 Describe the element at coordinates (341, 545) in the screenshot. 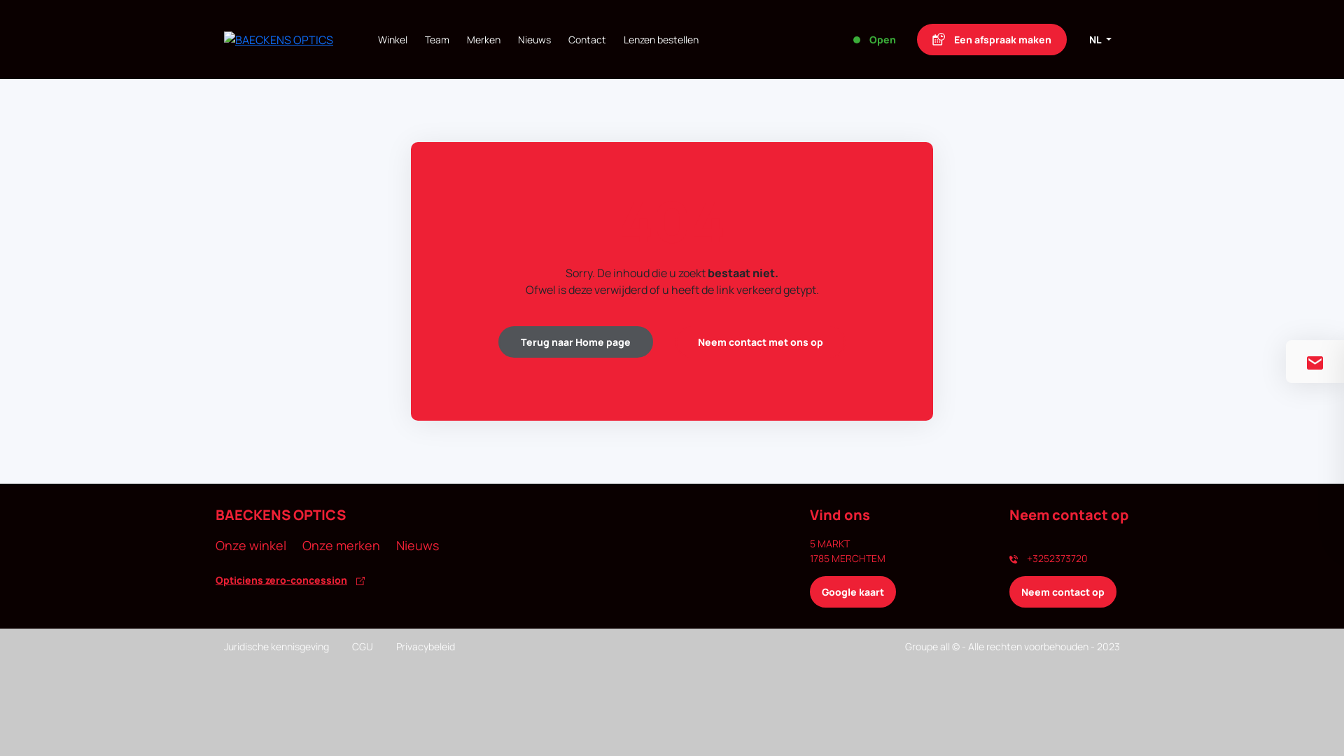

I see `'Onze merken'` at that location.